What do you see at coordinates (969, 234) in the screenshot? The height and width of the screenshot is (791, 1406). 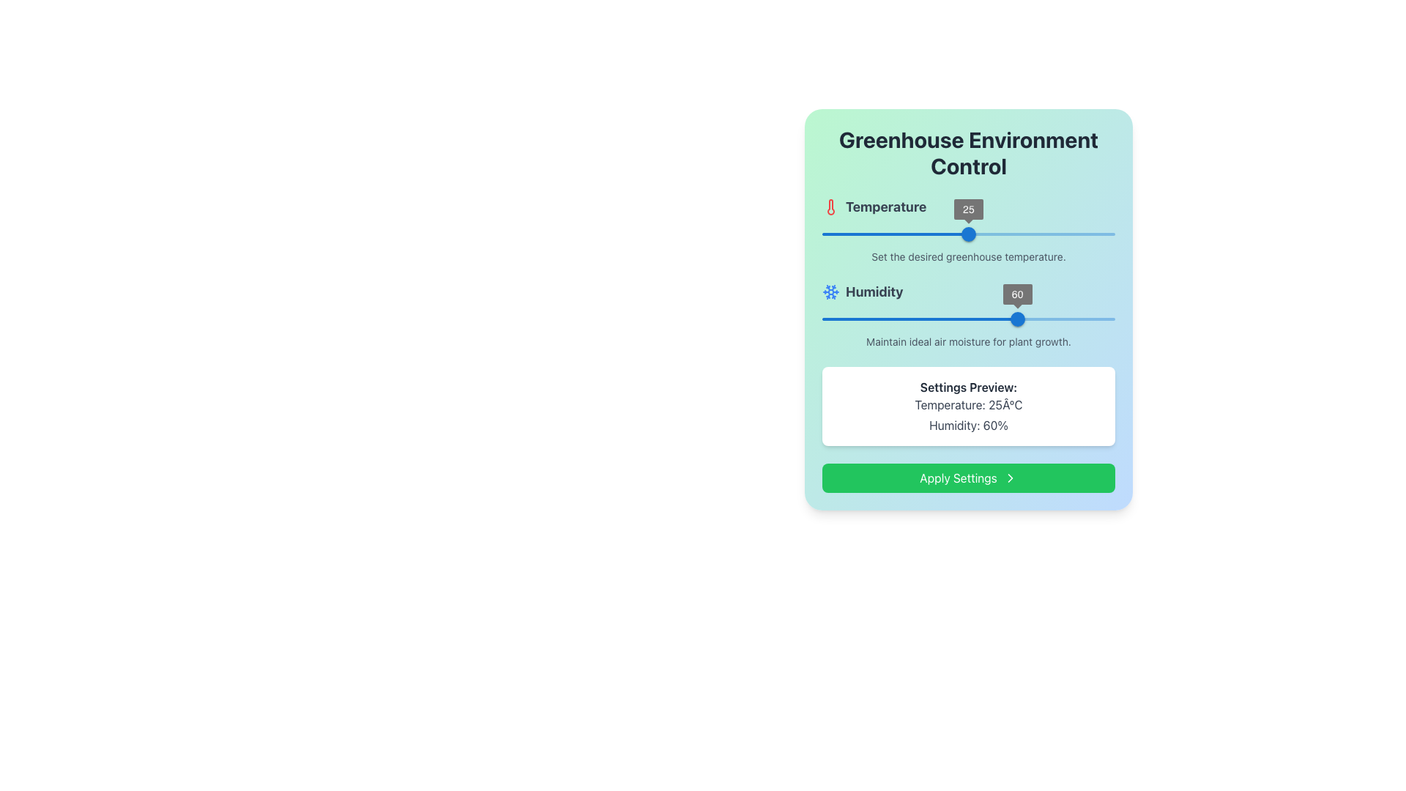 I see `the red horizontal slider rail for temperature adjustment located at the top of the interface panel` at bounding box center [969, 234].